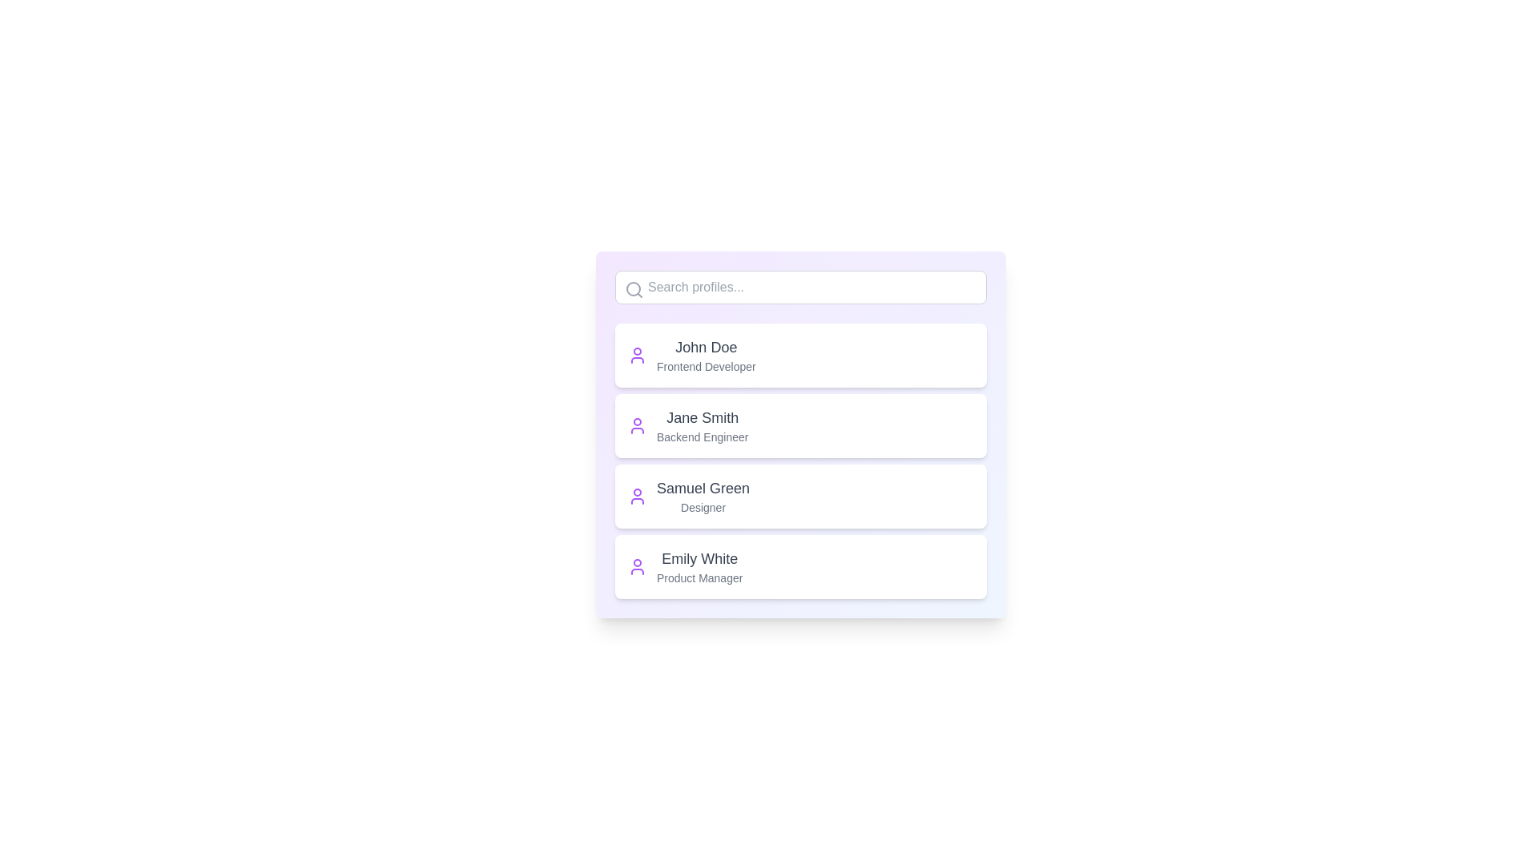 This screenshot has height=865, width=1538. What do you see at coordinates (800, 425) in the screenshot?
I see `the second profile card in the vertical list` at bounding box center [800, 425].